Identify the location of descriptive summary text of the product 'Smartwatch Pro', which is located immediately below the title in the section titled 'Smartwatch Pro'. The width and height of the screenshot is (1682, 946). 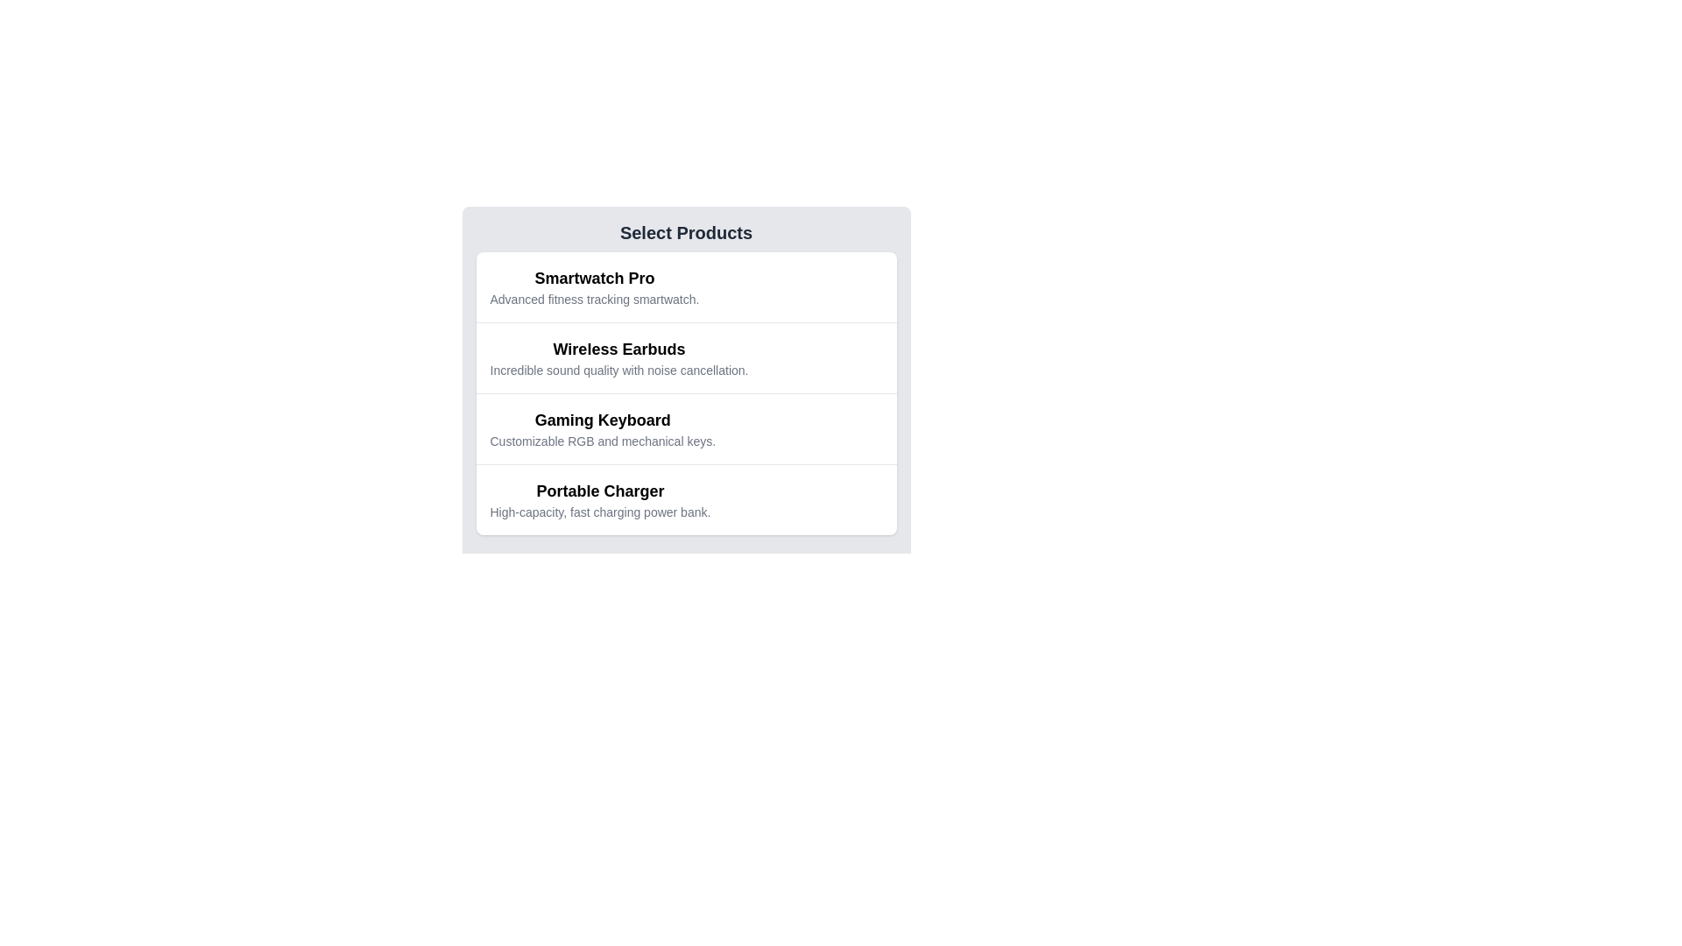
(594, 299).